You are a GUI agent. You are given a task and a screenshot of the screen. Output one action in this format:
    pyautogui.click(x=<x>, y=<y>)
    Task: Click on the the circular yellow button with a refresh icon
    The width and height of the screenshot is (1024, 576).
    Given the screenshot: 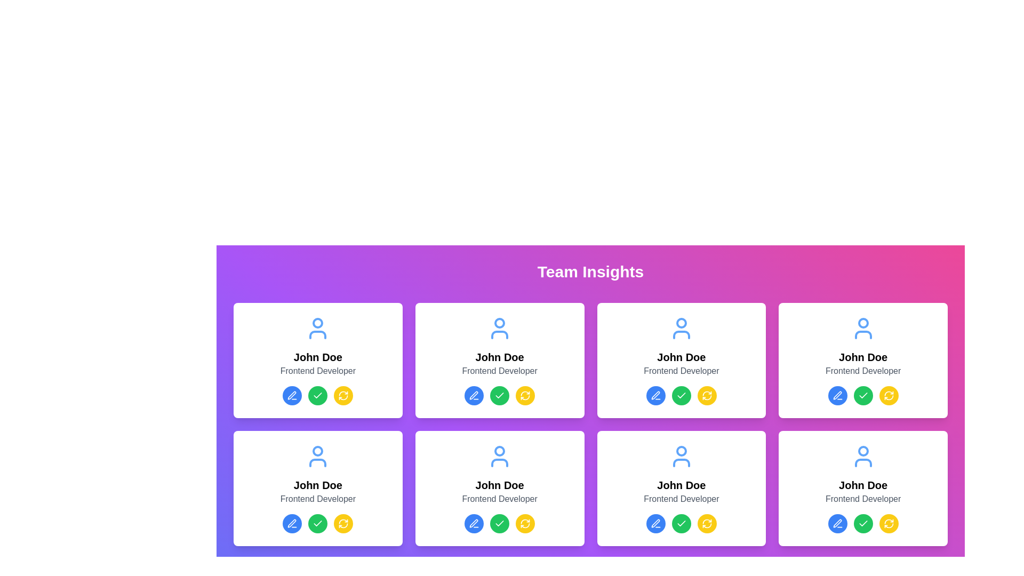 What is the action you would take?
    pyautogui.click(x=525, y=523)
    